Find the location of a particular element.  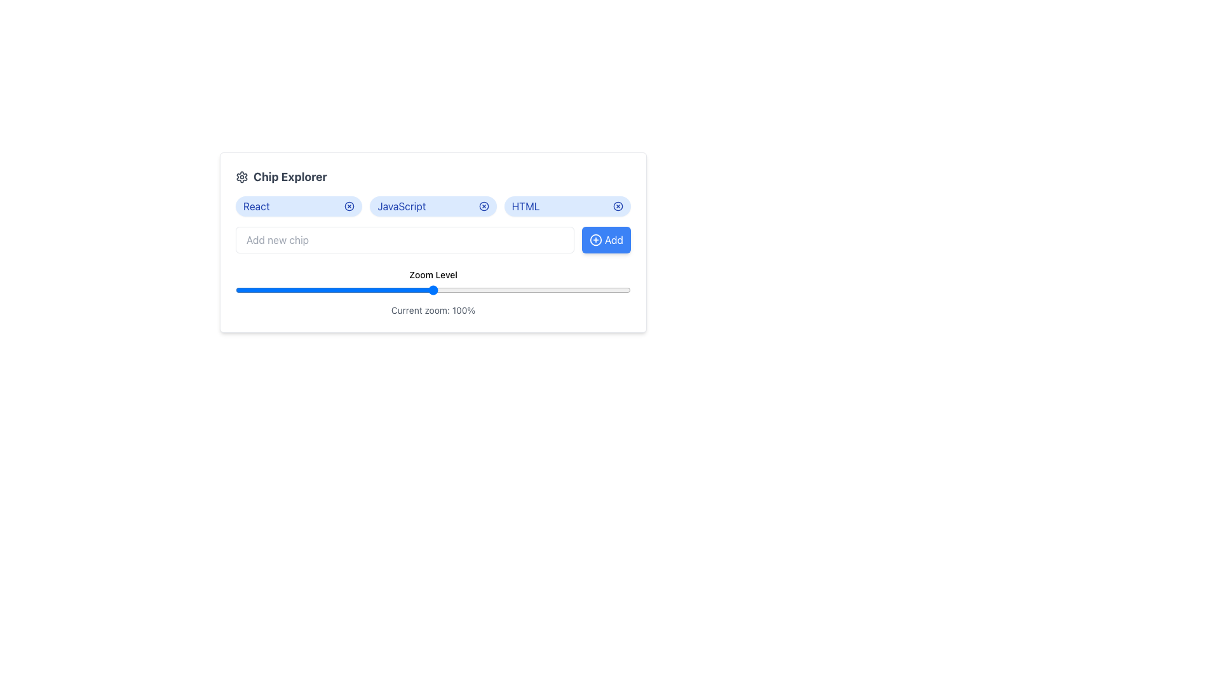

the gear icon located is located at coordinates (241, 177).